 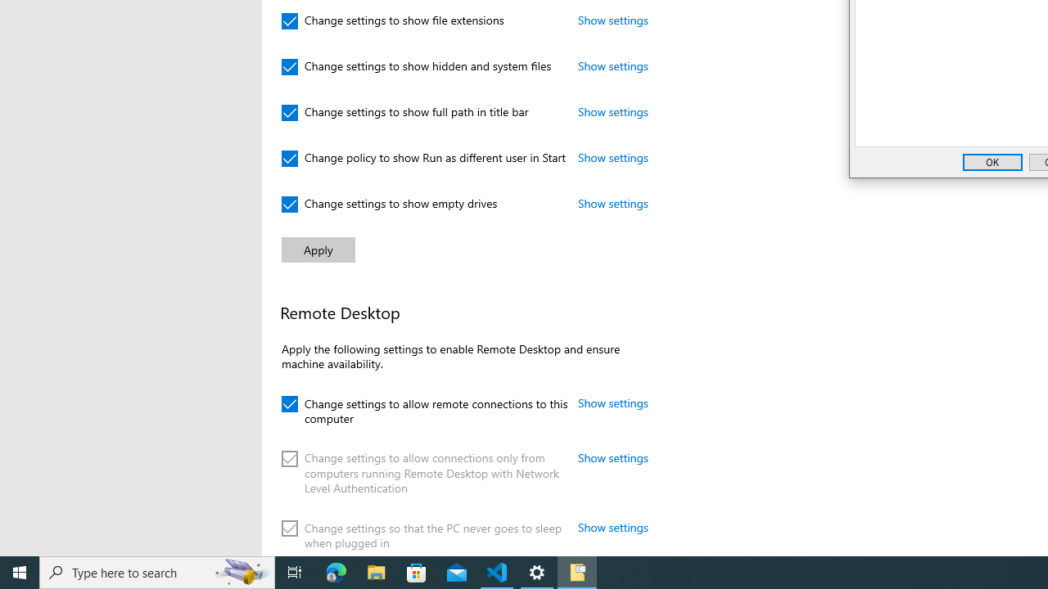 I want to click on 'OK', so click(x=992, y=162).